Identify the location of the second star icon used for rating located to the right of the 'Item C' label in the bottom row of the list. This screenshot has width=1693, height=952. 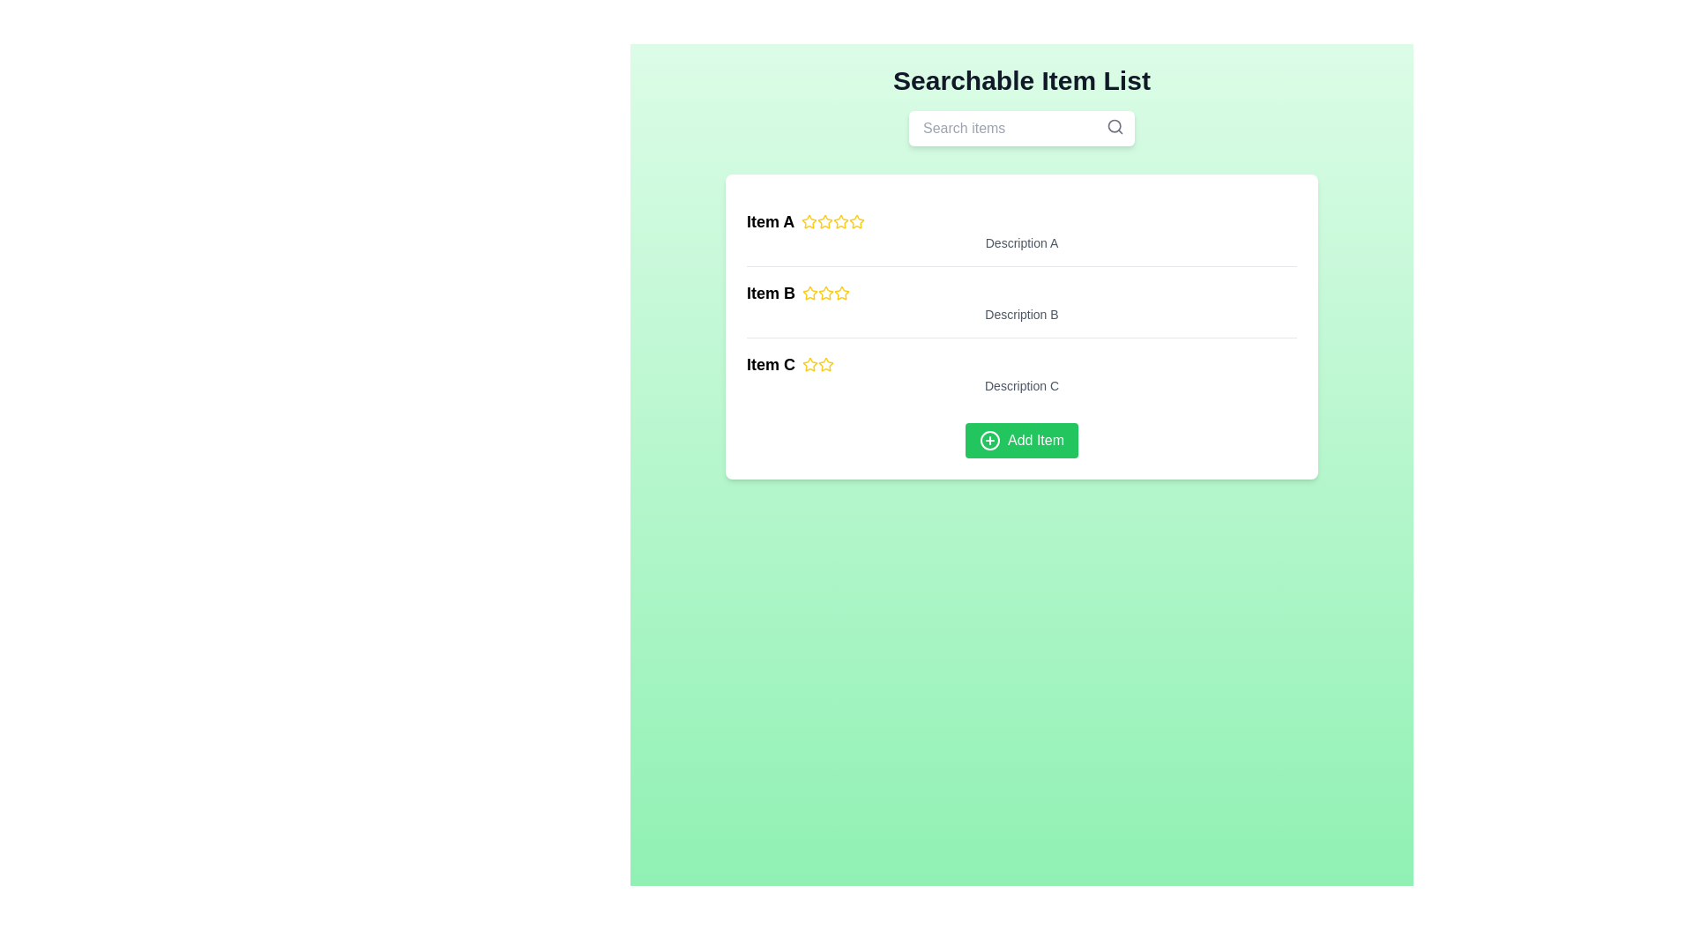
(817, 363).